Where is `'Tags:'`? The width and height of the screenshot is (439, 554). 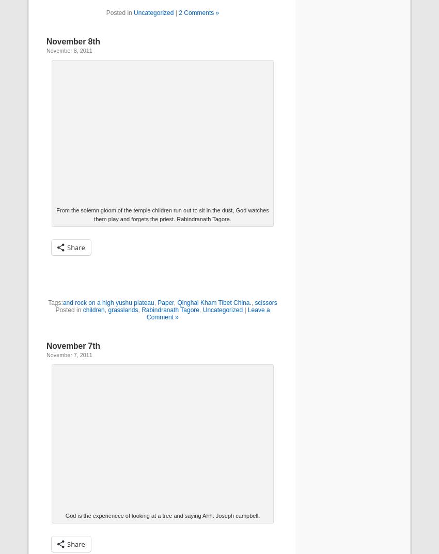
'Tags:' is located at coordinates (47, 302).